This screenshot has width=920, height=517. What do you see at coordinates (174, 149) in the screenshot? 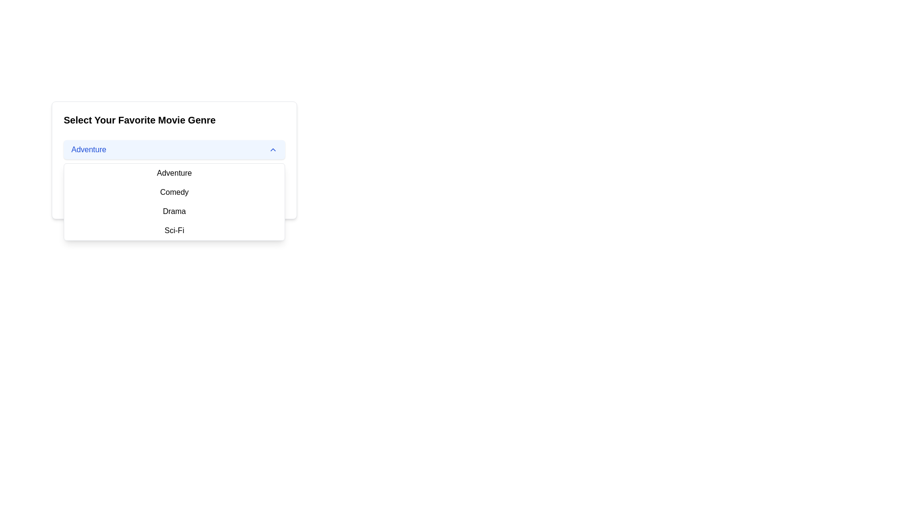
I see `the Dropdown menu located in the middle of the white card titled 'Select Your Favorite Movie Genre'` at bounding box center [174, 149].